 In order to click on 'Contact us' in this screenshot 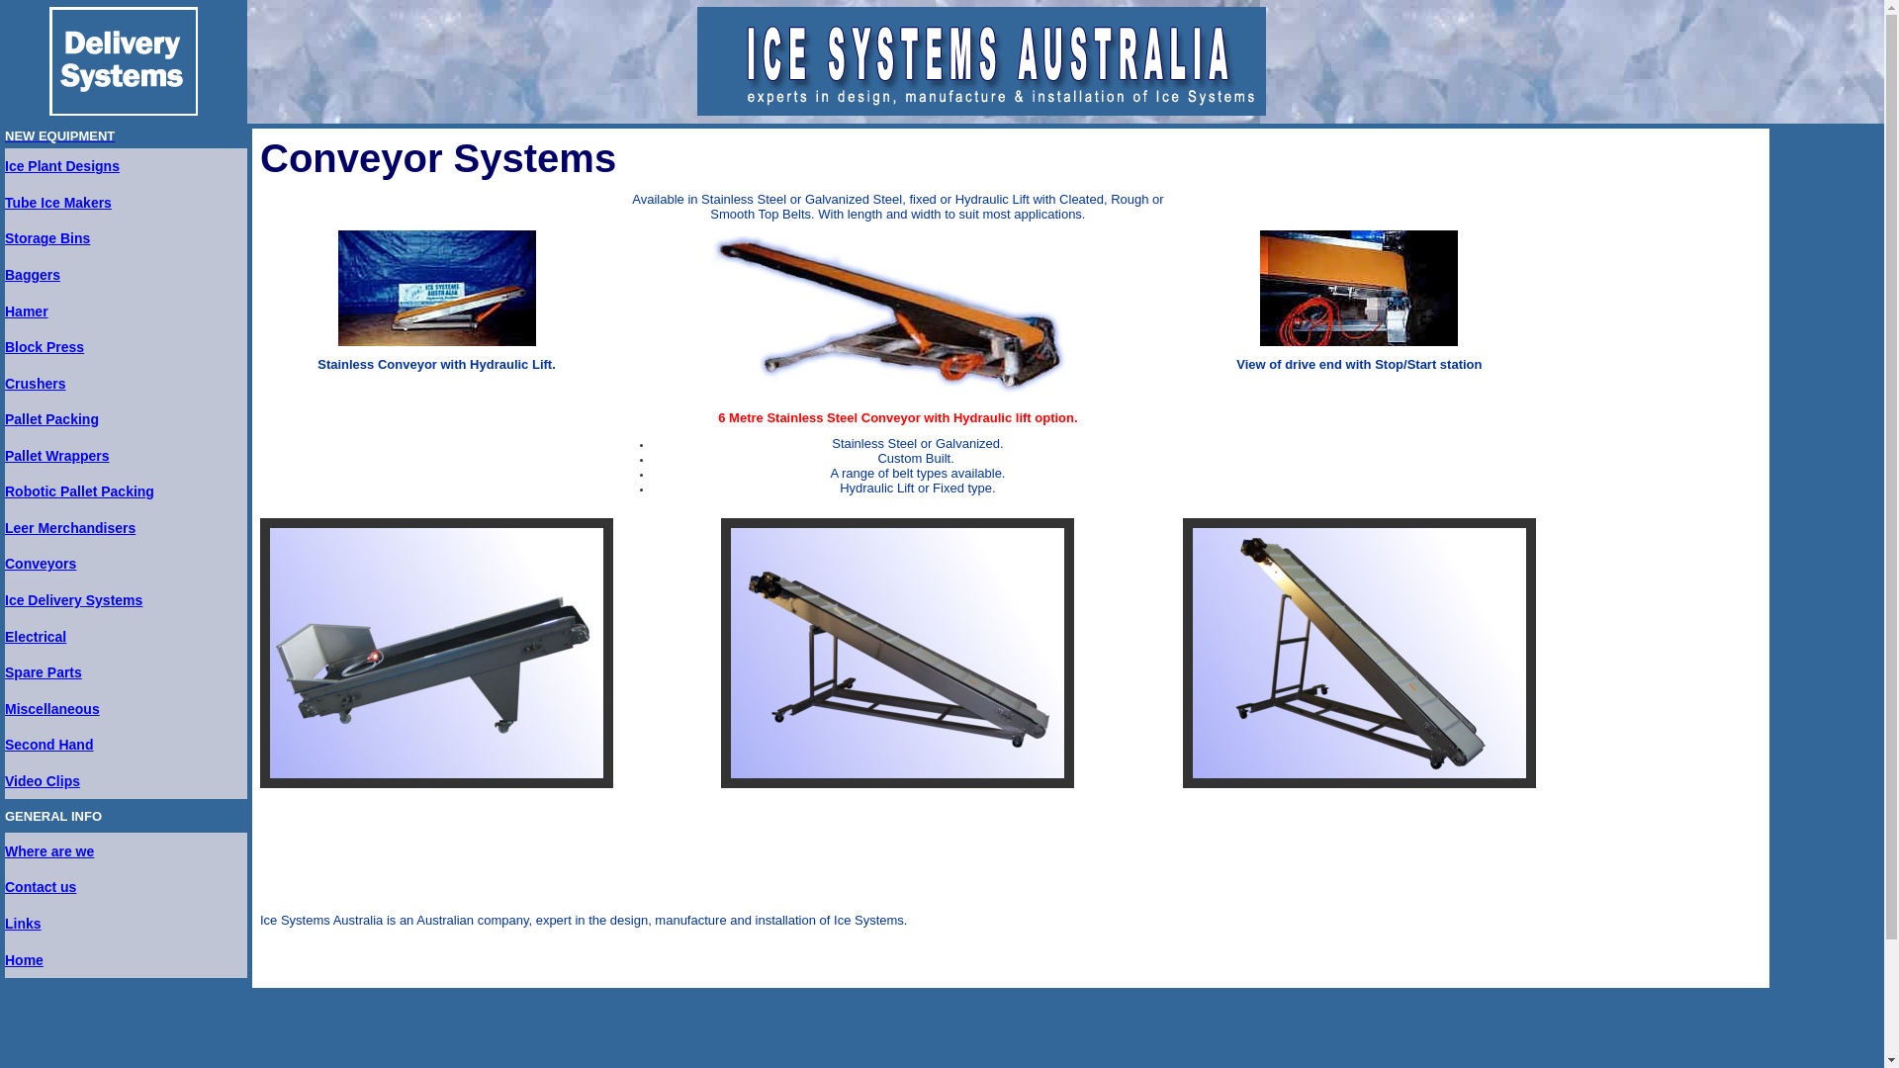, I will do `click(41, 886)`.